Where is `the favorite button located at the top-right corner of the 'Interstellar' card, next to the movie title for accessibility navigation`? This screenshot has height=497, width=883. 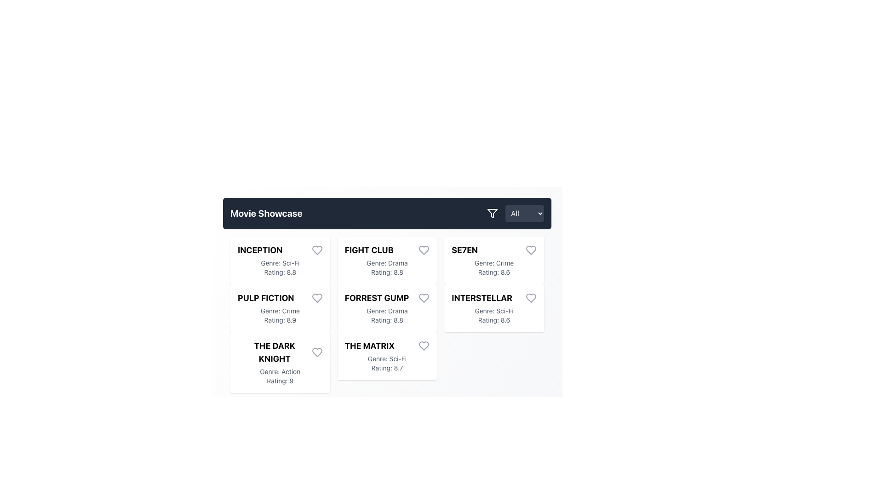 the favorite button located at the top-right corner of the 'Interstellar' card, next to the movie title for accessibility navigation is located at coordinates (531, 298).